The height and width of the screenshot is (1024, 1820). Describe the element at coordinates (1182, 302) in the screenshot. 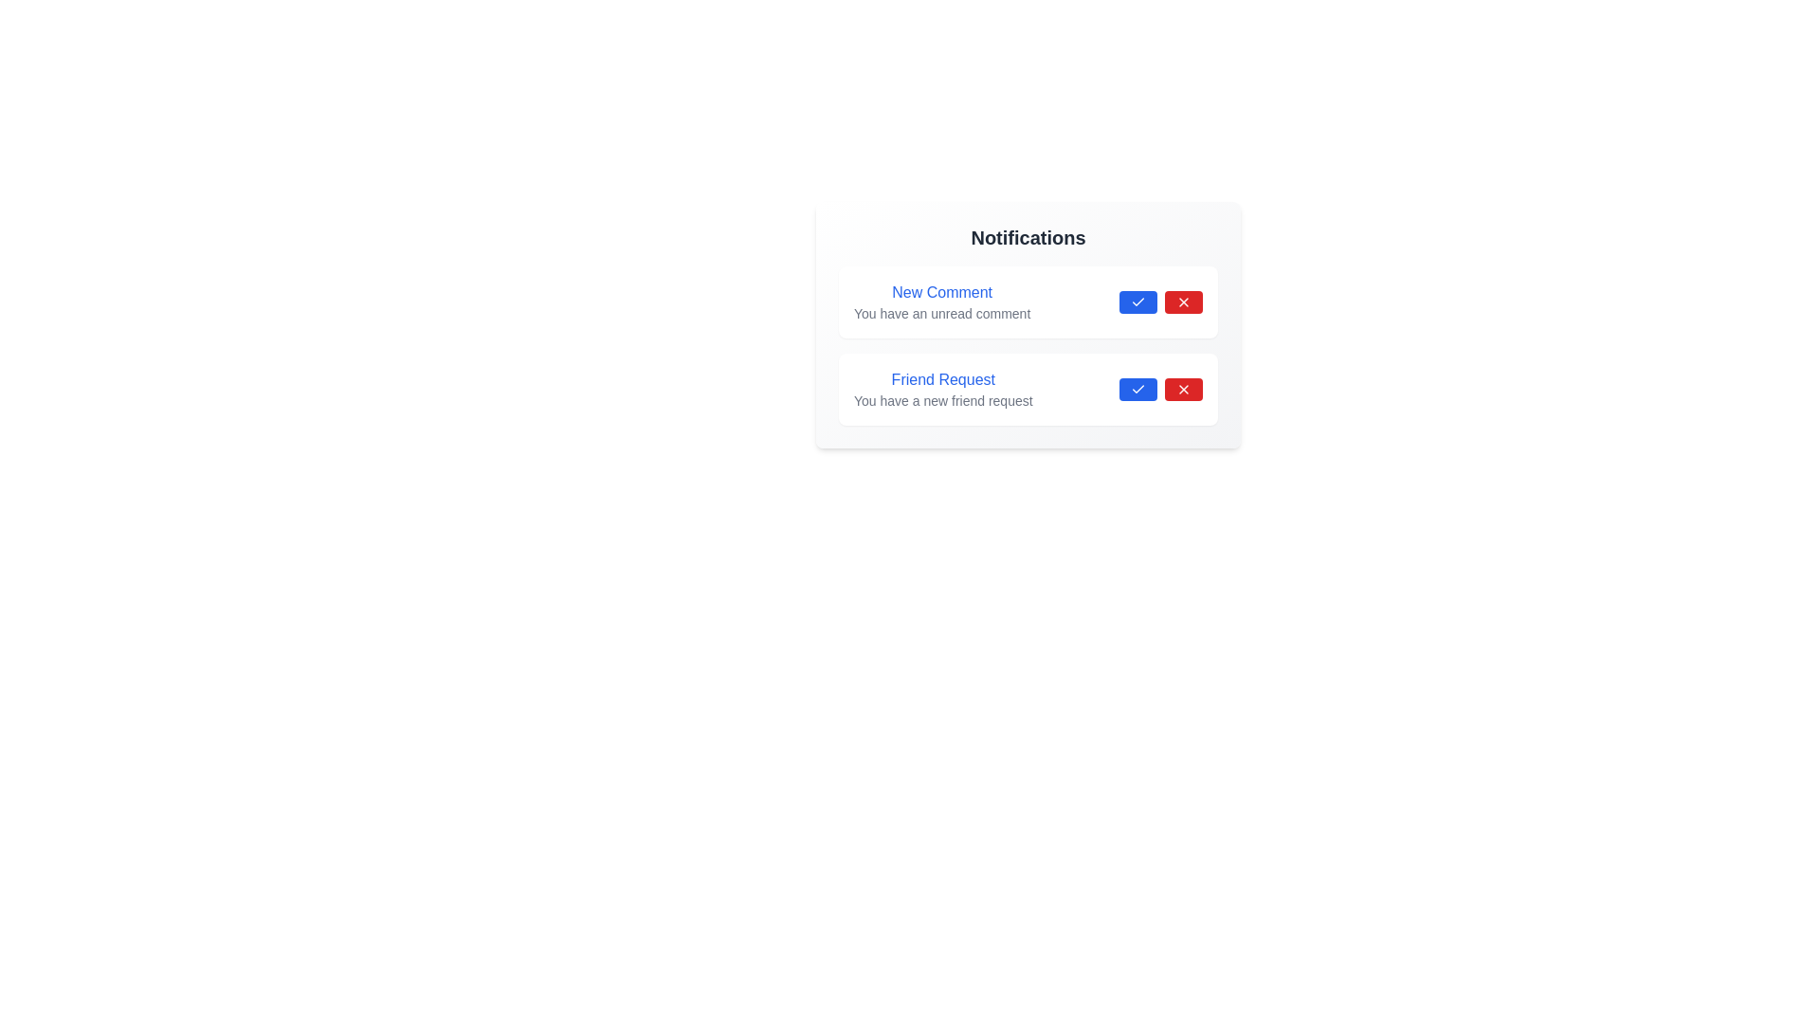

I see `the red square button with a white diagonal cross icon located in the notification card for 'New Comment'` at that location.